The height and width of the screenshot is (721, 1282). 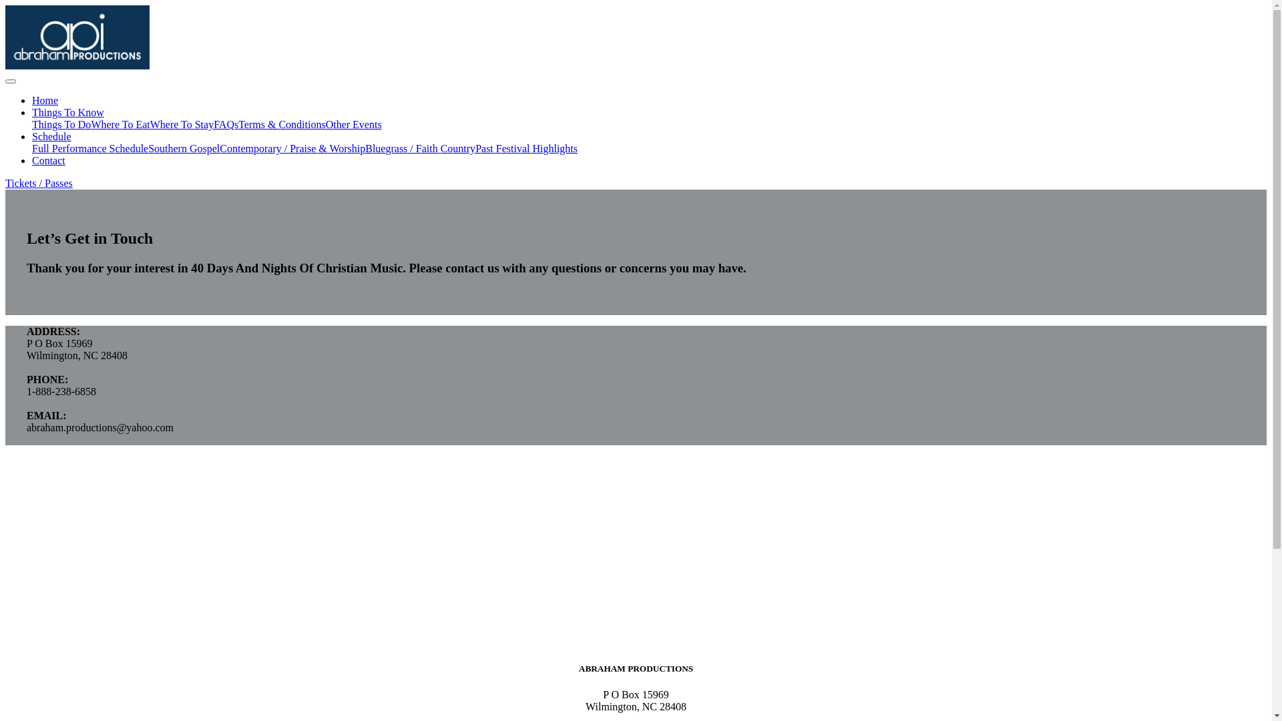 I want to click on 'Terms & Conditions', so click(x=281, y=124).